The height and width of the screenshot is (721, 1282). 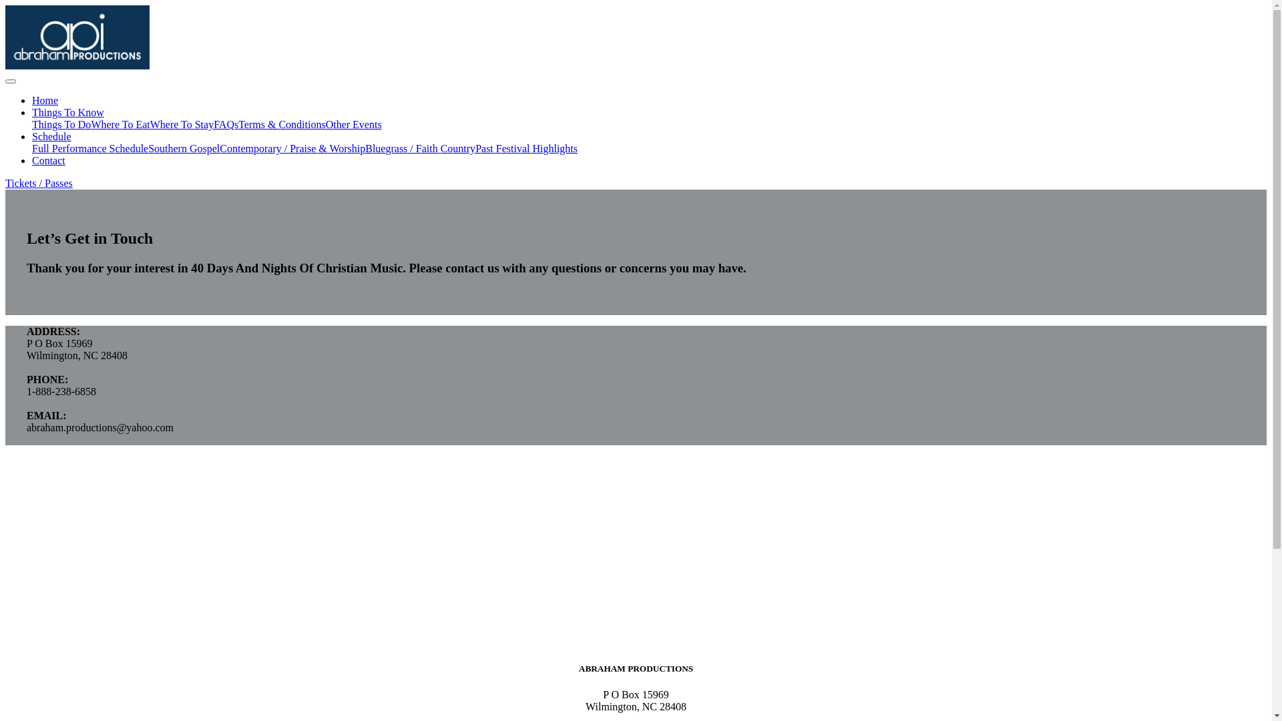 I want to click on 'Terms & Conditions', so click(x=281, y=124).